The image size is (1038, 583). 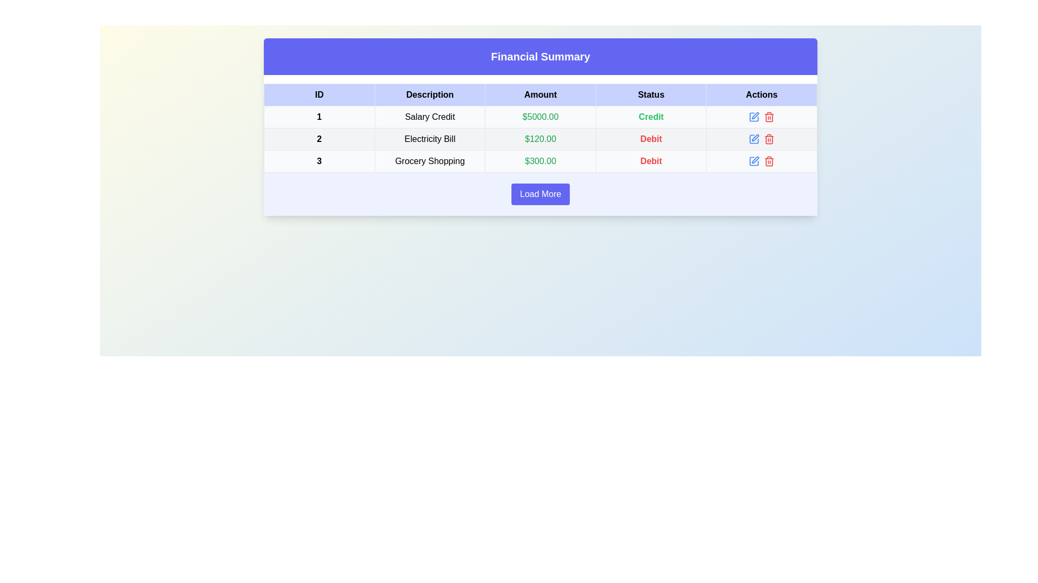 What do you see at coordinates (761, 161) in the screenshot?
I see `the delete icon in the 'Actions' column of the third row of the transactions table for the 'Grocery Shopping' entry` at bounding box center [761, 161].